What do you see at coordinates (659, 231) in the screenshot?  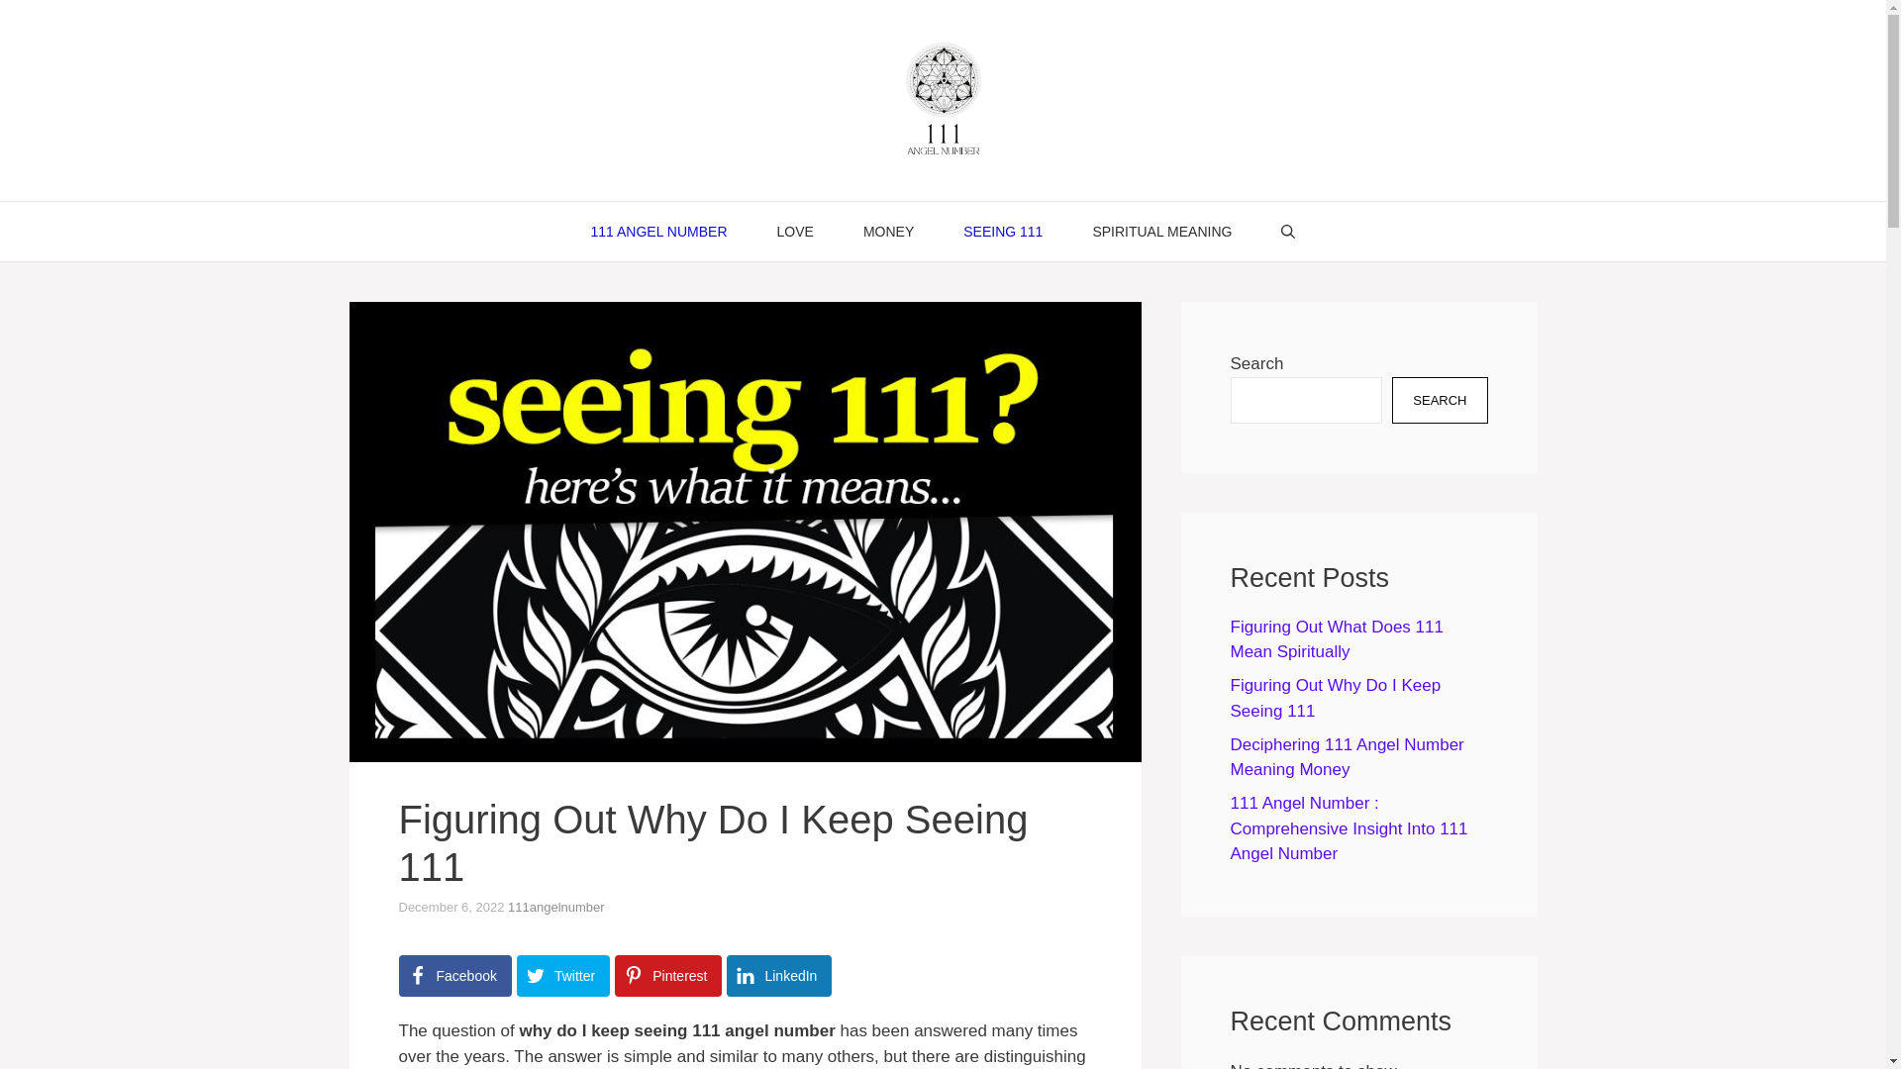 I see `'111 ANGEL NUMBER'` at bounding box center [659, 231].